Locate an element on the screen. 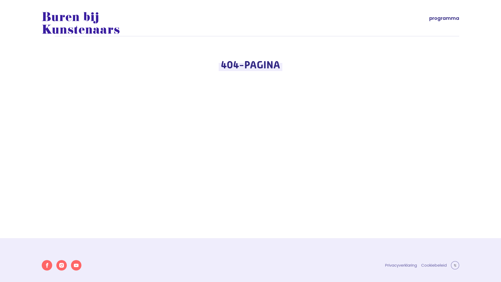 The width and height of the screenshot is (501, 282). 'Cookiebeleid' is located at coordinates (434, 265).